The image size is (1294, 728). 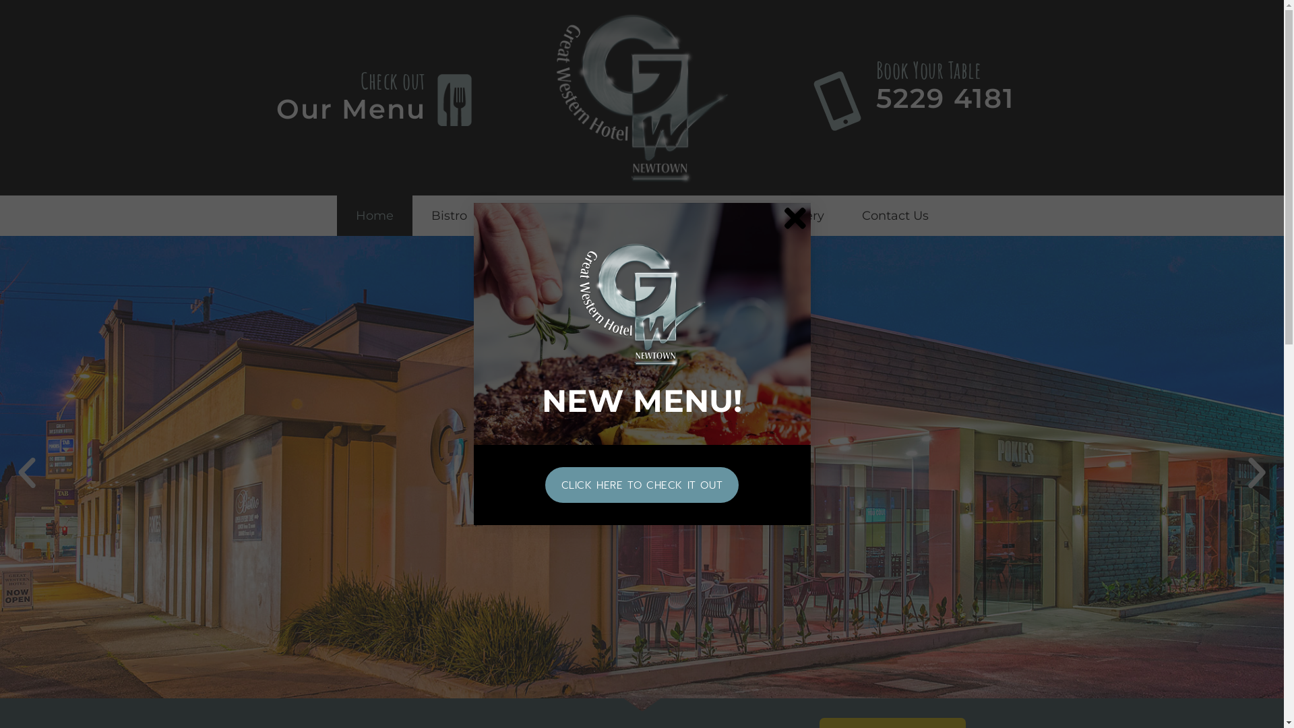 What do you see at coordinates (520, 215) in the screenshot?
I see `'Menu'` at bounding box center [520, 215].